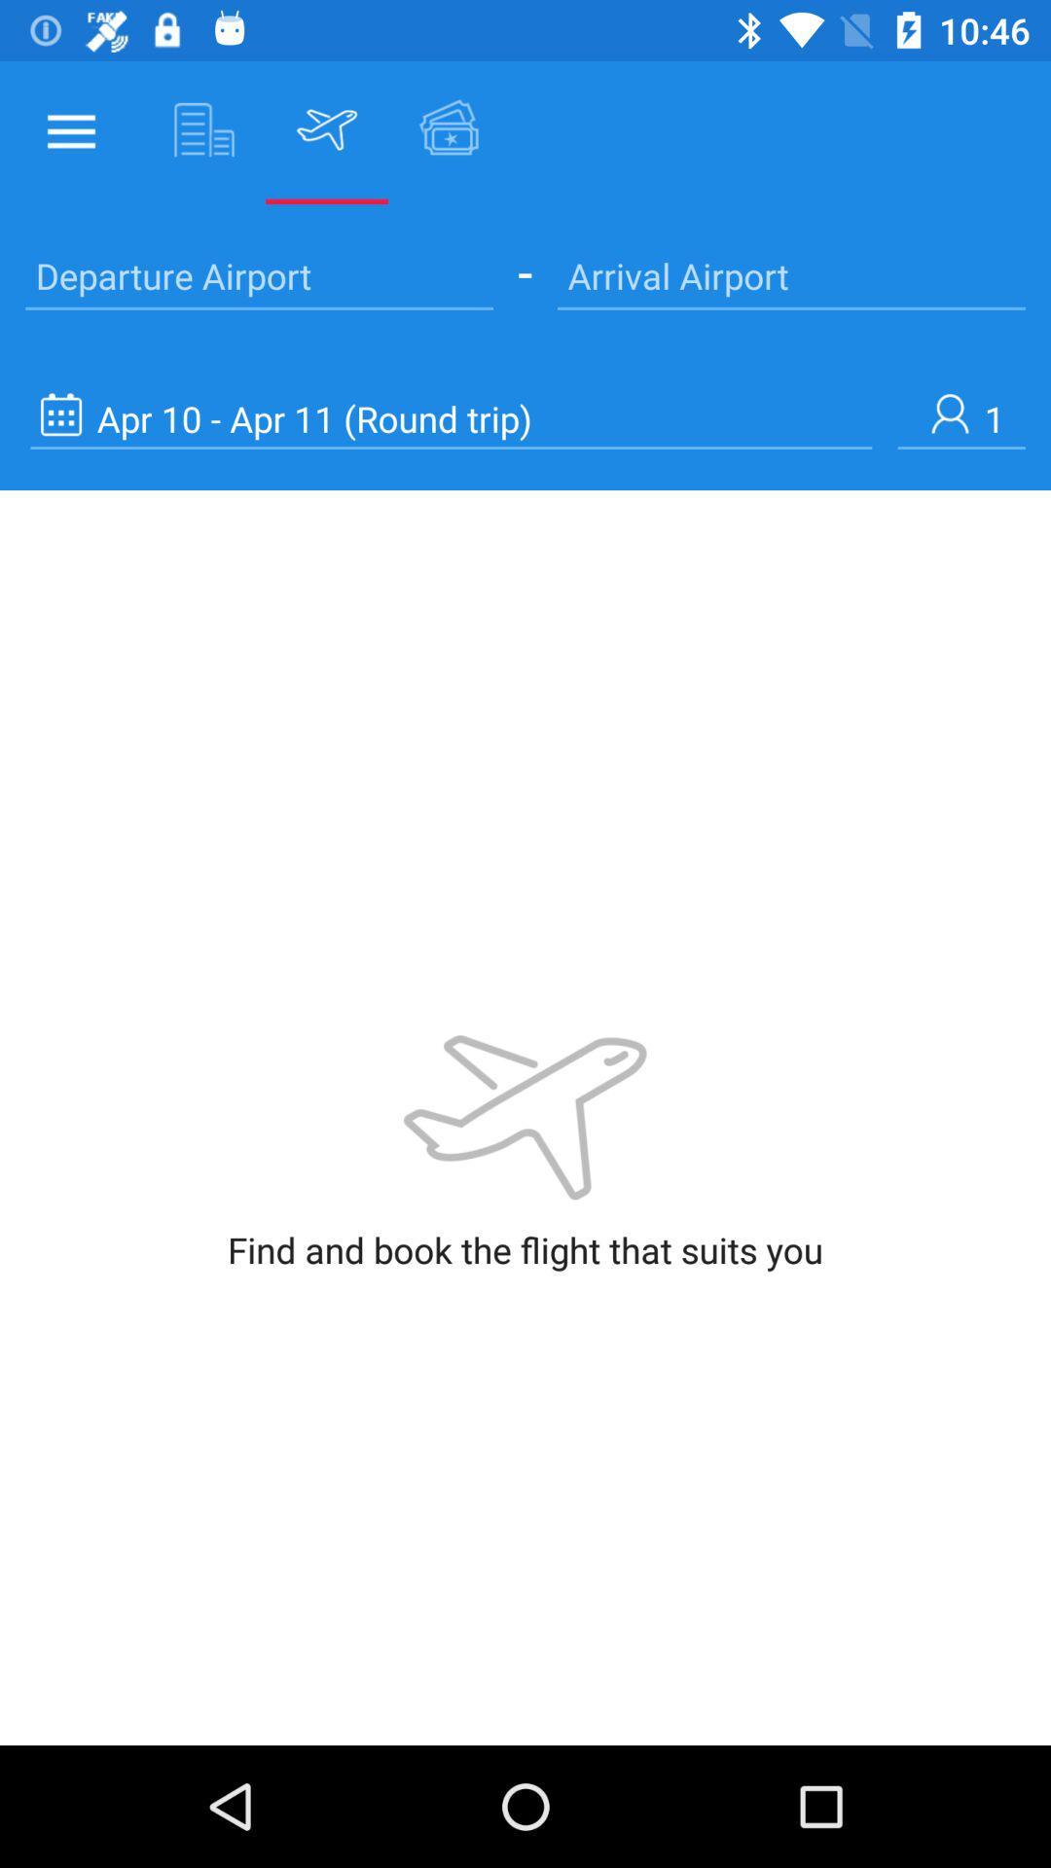 The image size is (1051, 1868). What do you see at coordinates (326, 128) in the screenshot?
I see `the third icon at top left corner of the page` at bounding box center [326, 128].